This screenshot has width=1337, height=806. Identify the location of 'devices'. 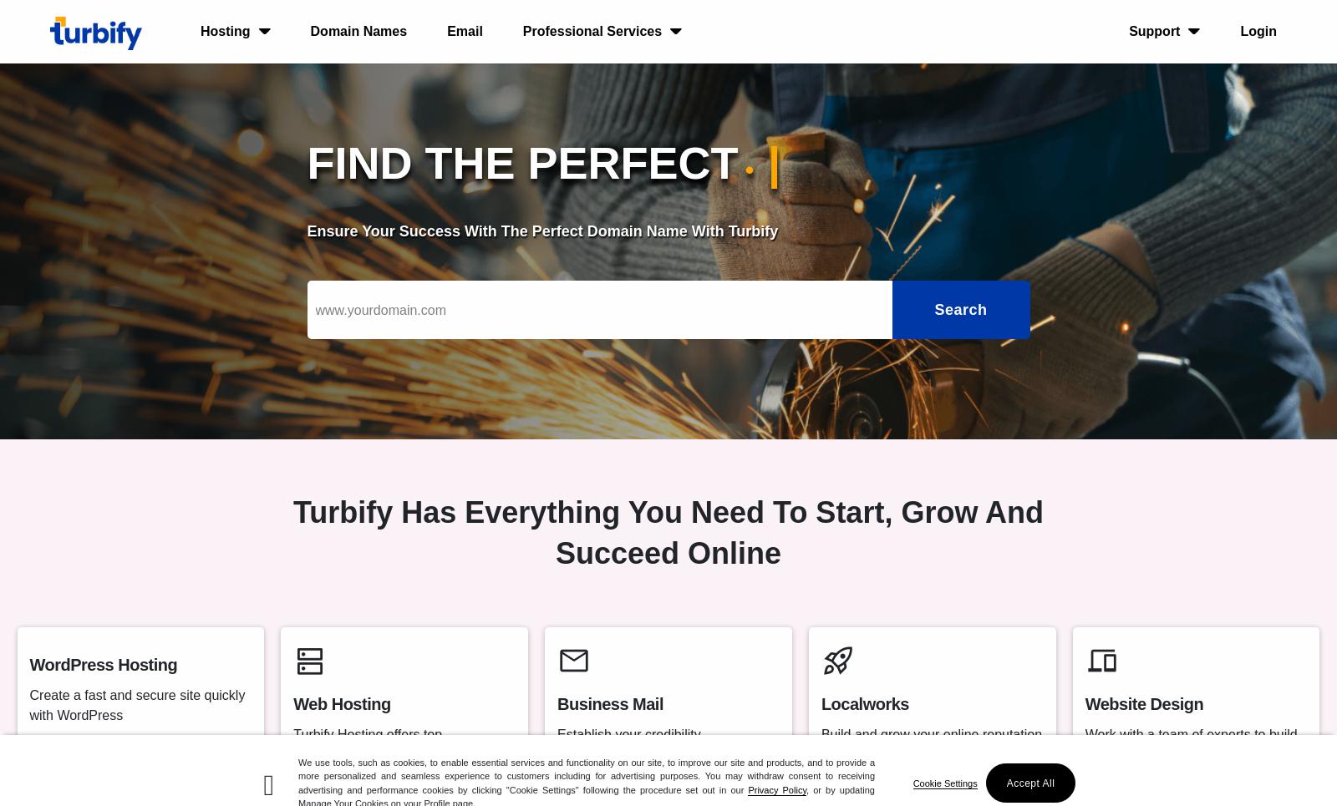
(1084, 661).